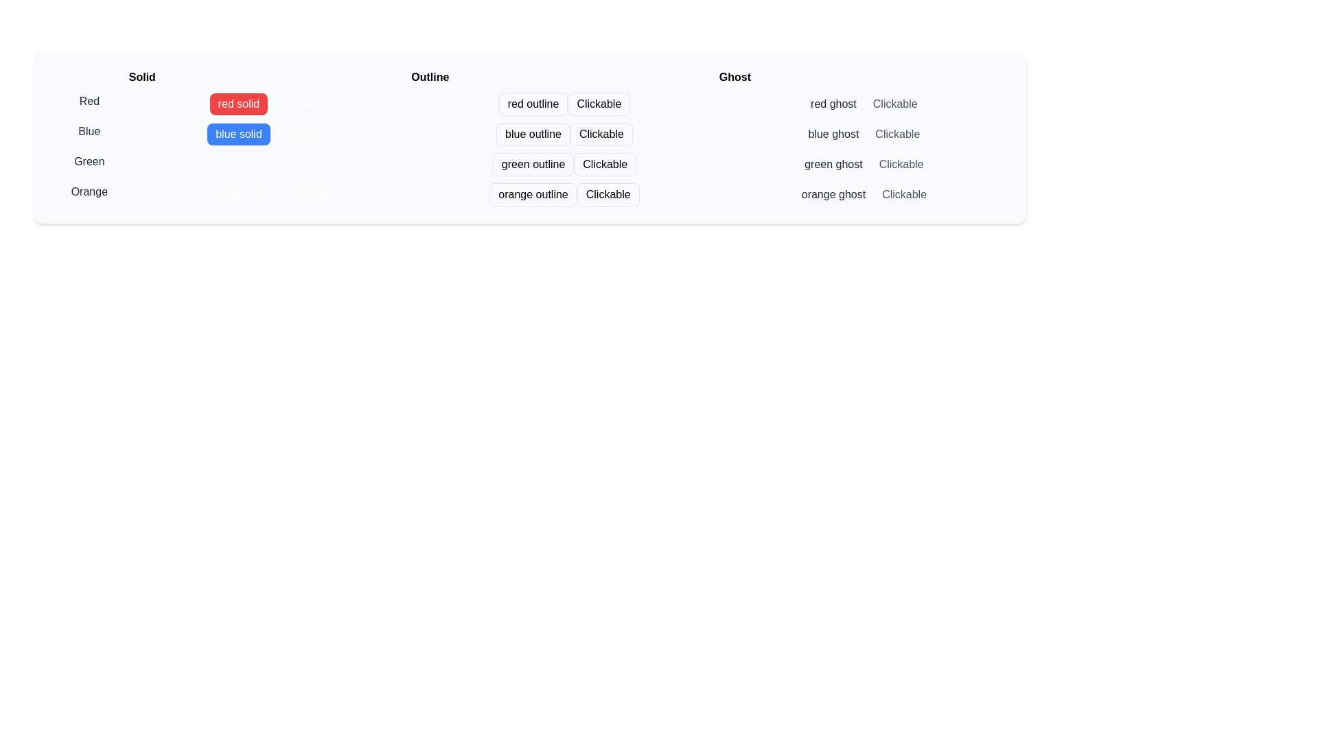 This screenshot has height=741, width=1318. What do you see at coordinates (297, 103) in the screenshot?
I see `the button labeled 'Clickable' with a semi-transparent red background and white text, located in the first row of the 'Solid' column` at bounding box center [297, 103].